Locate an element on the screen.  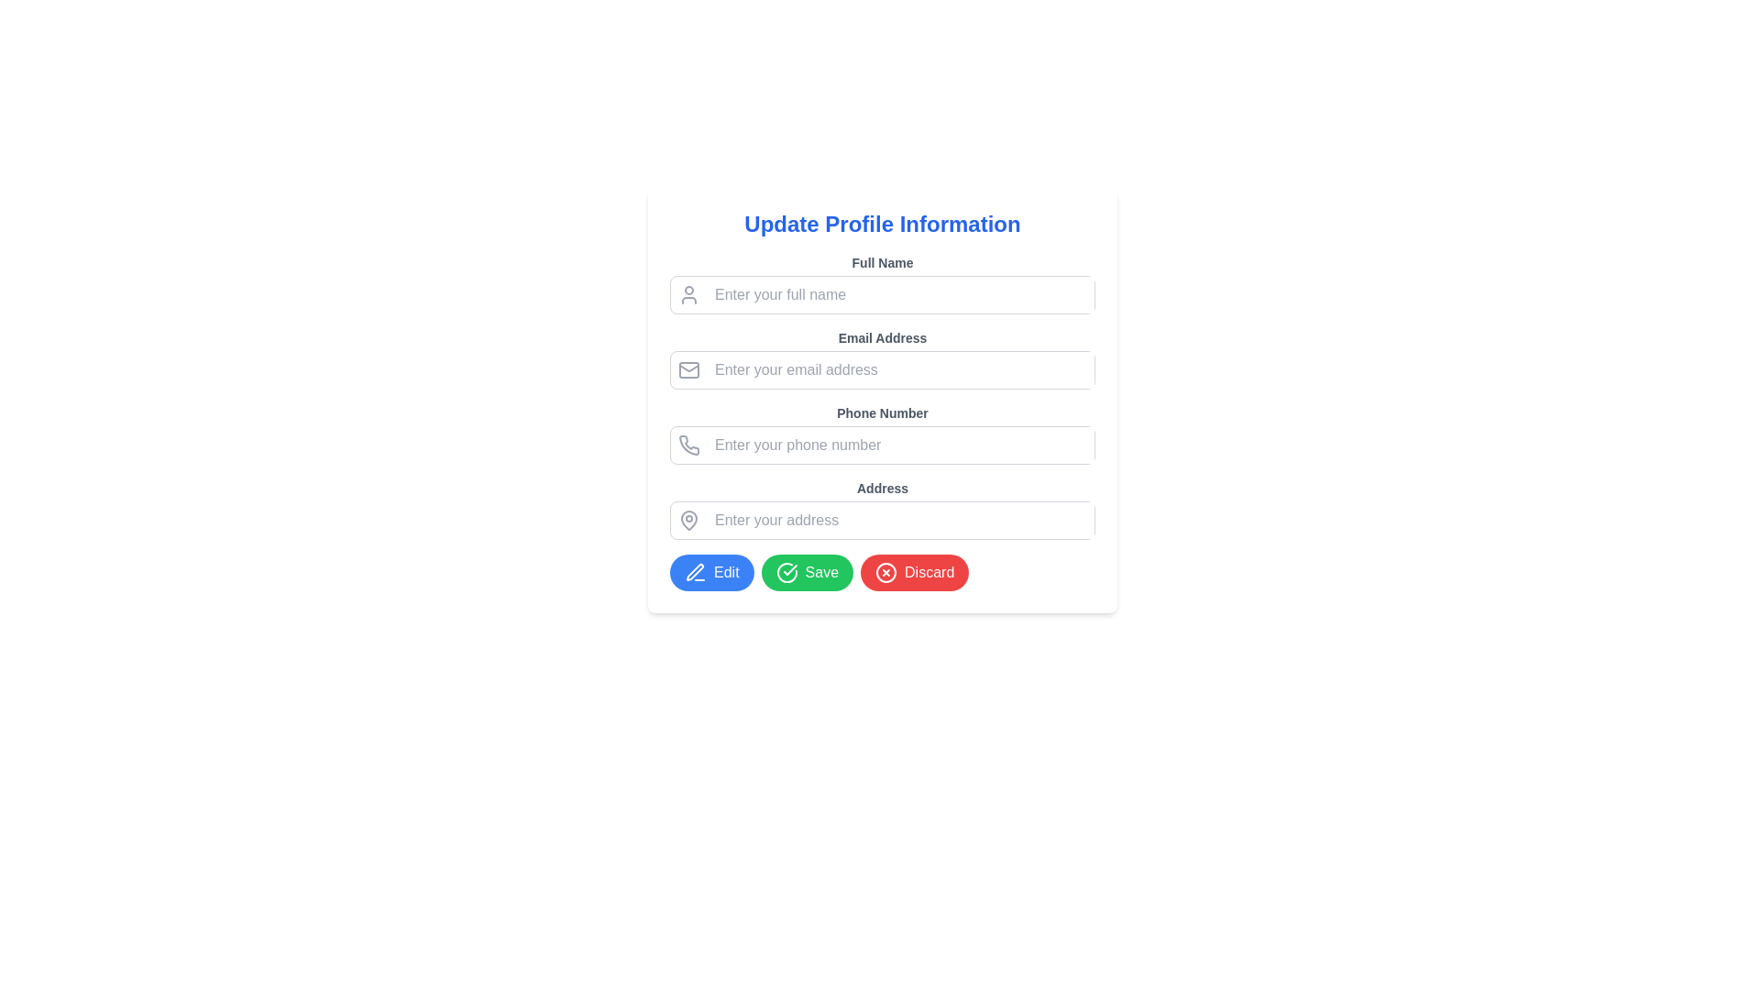
the small stylized user icon representing a profile or account, which is located to the left of the 'Full Name' text input field is located at coordinates (688, 293).